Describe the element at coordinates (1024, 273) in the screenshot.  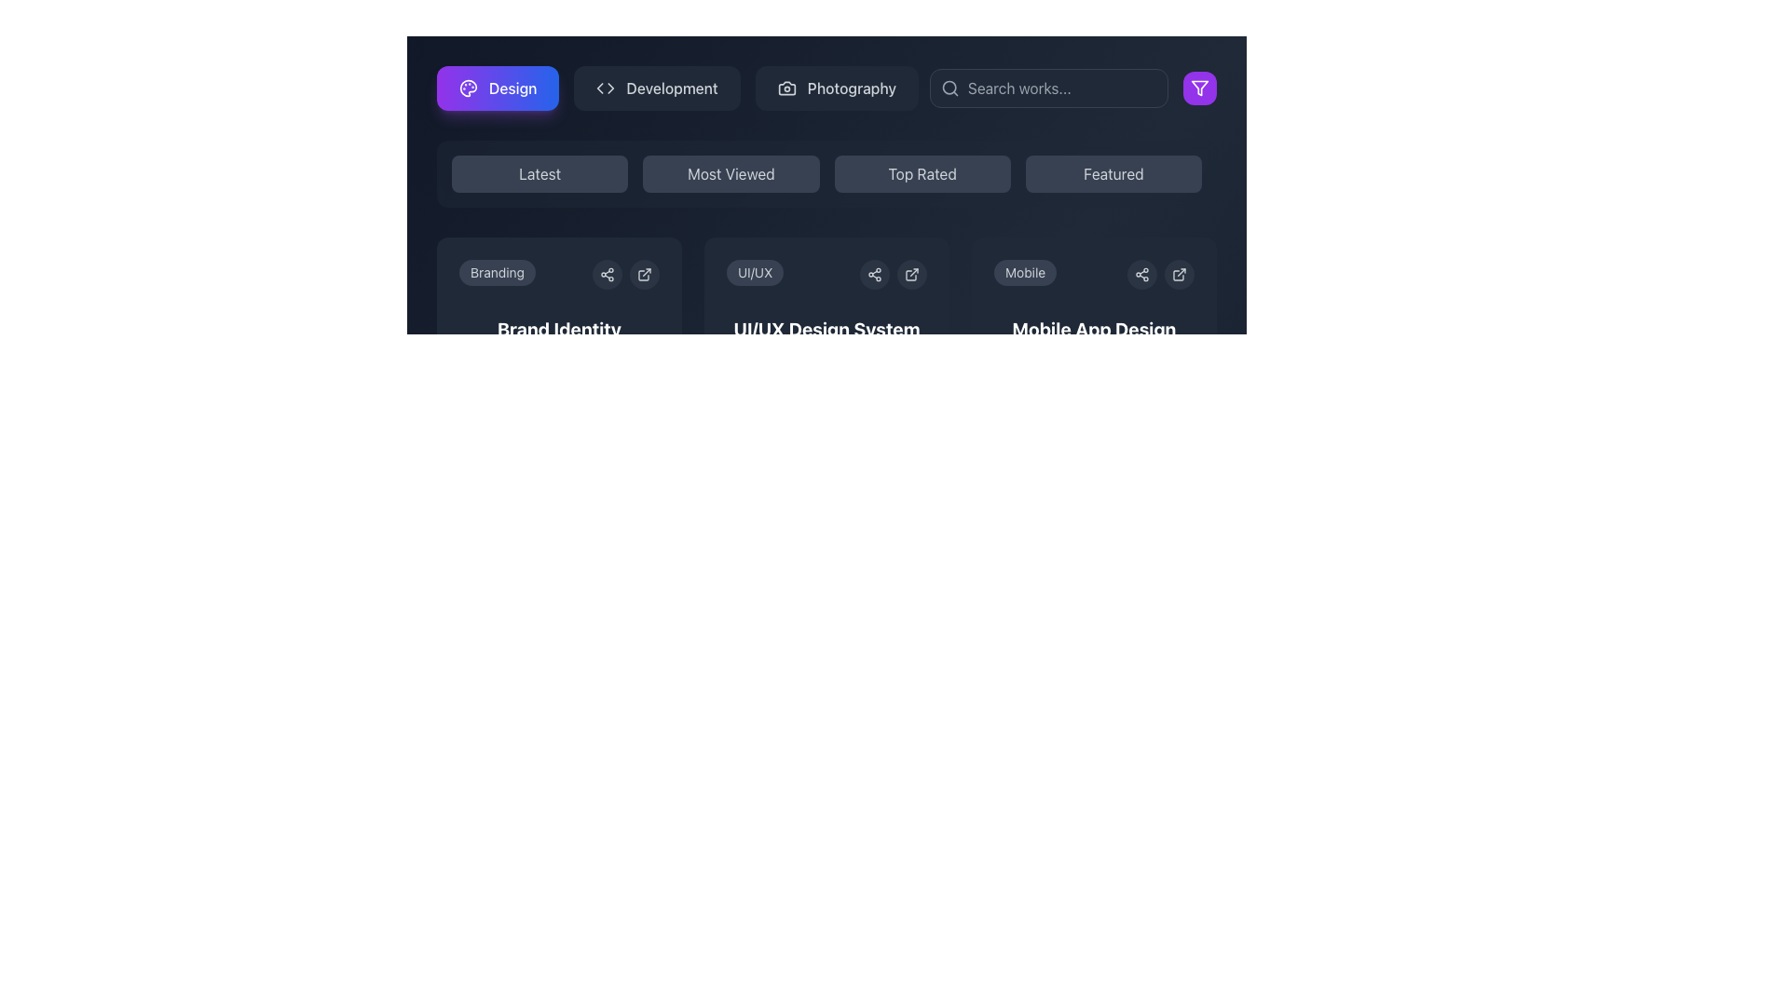
I see `the 'Mobile' text label, which is a small, pill-shaped label with a dark background and light font color, located at the upper-right portion of the interface` at that location.